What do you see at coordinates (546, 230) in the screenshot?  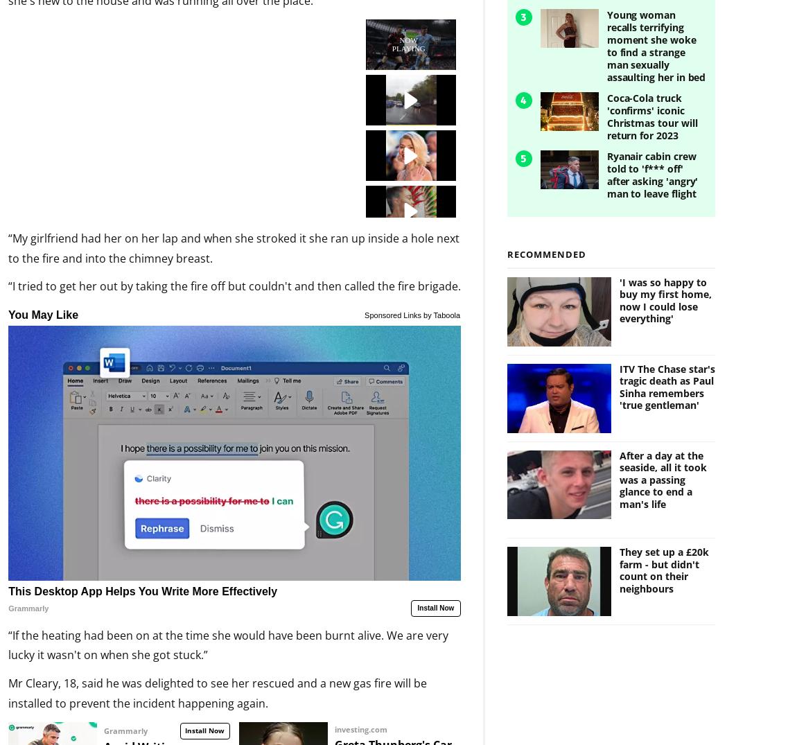 I see `'Recommended'` at bounding box center [546, 230].